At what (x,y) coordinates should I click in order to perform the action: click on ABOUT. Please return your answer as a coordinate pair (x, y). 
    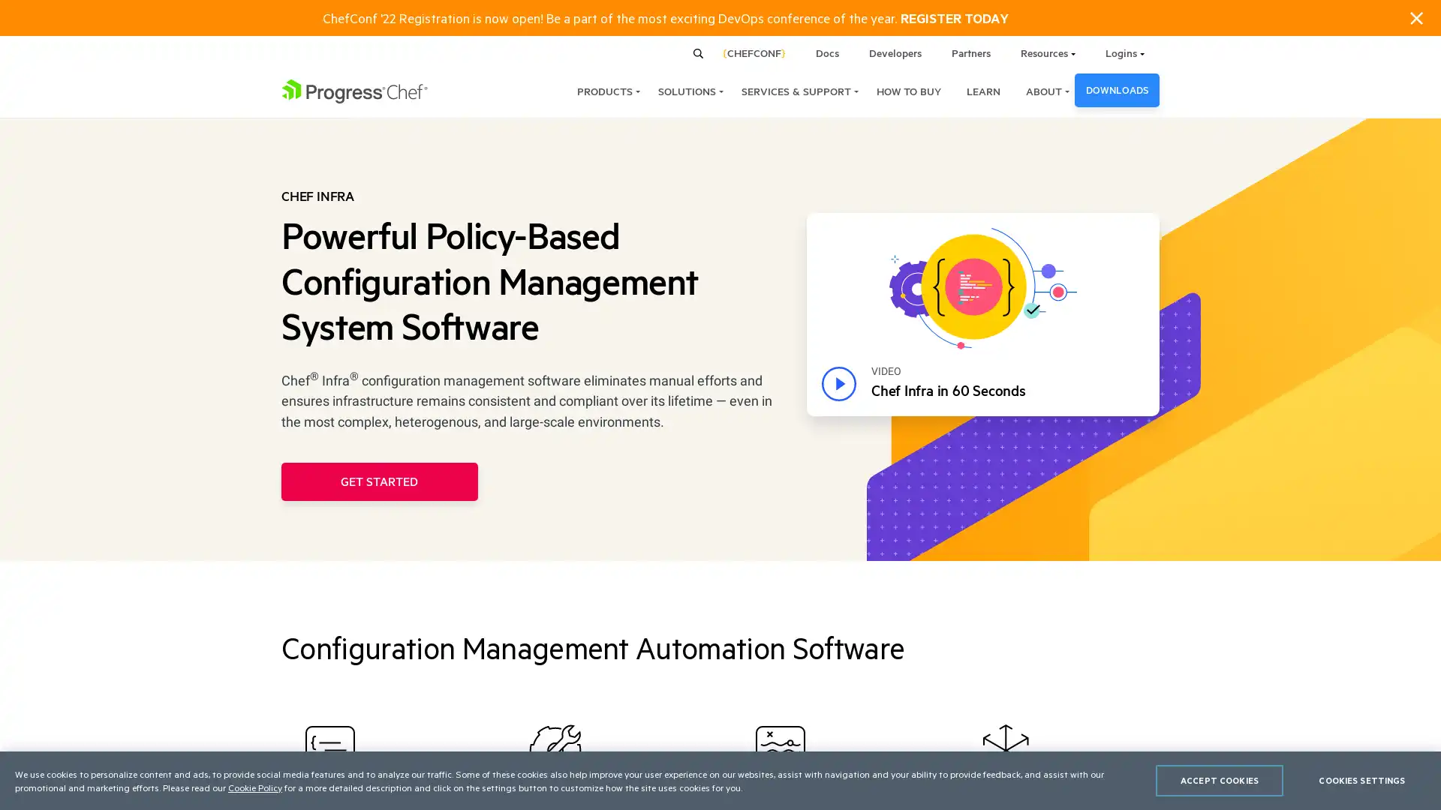
    Looking at the image, I should click on (1009, 91).